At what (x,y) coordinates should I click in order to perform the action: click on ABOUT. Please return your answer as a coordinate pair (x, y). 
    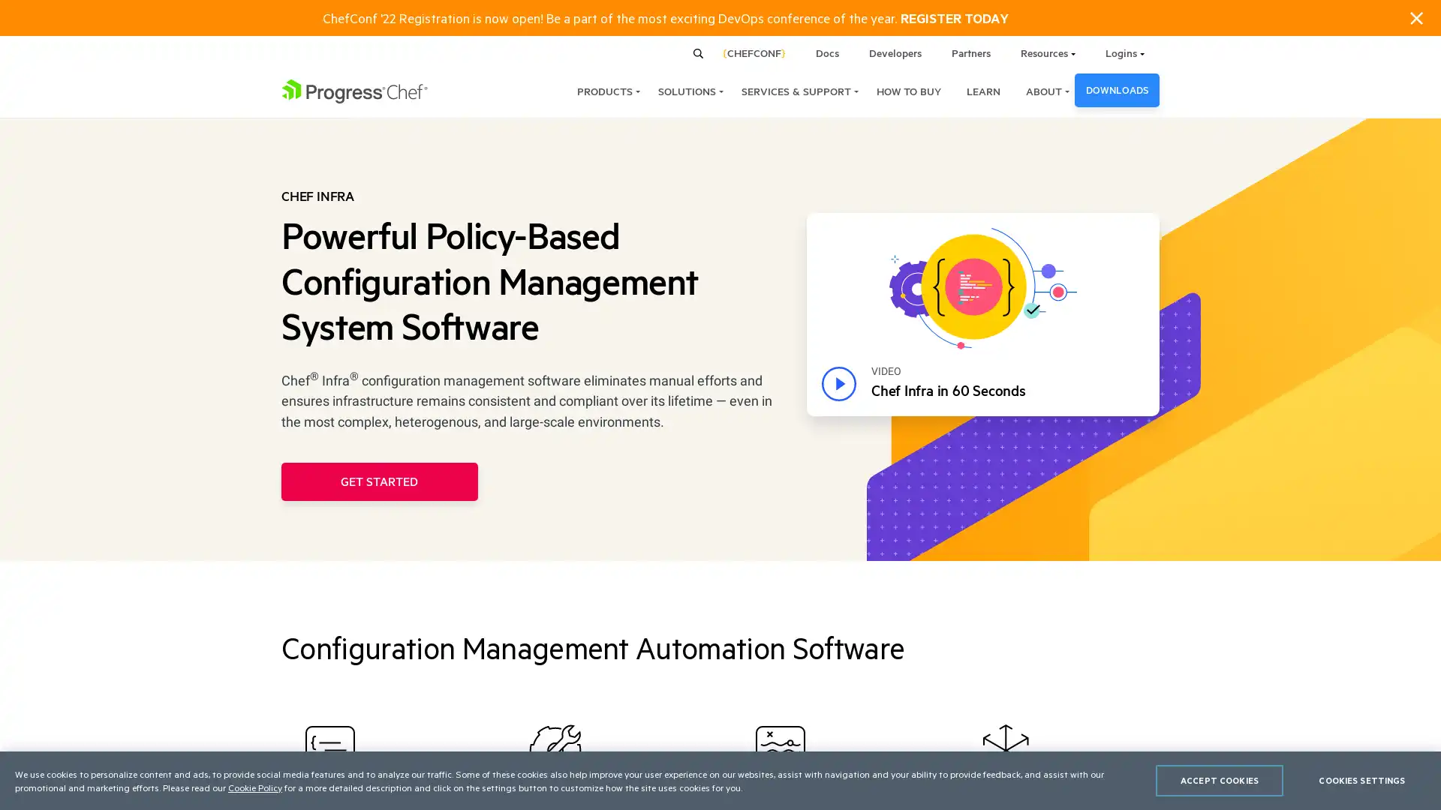
    Looking at the image, I should click on (1009, 91).